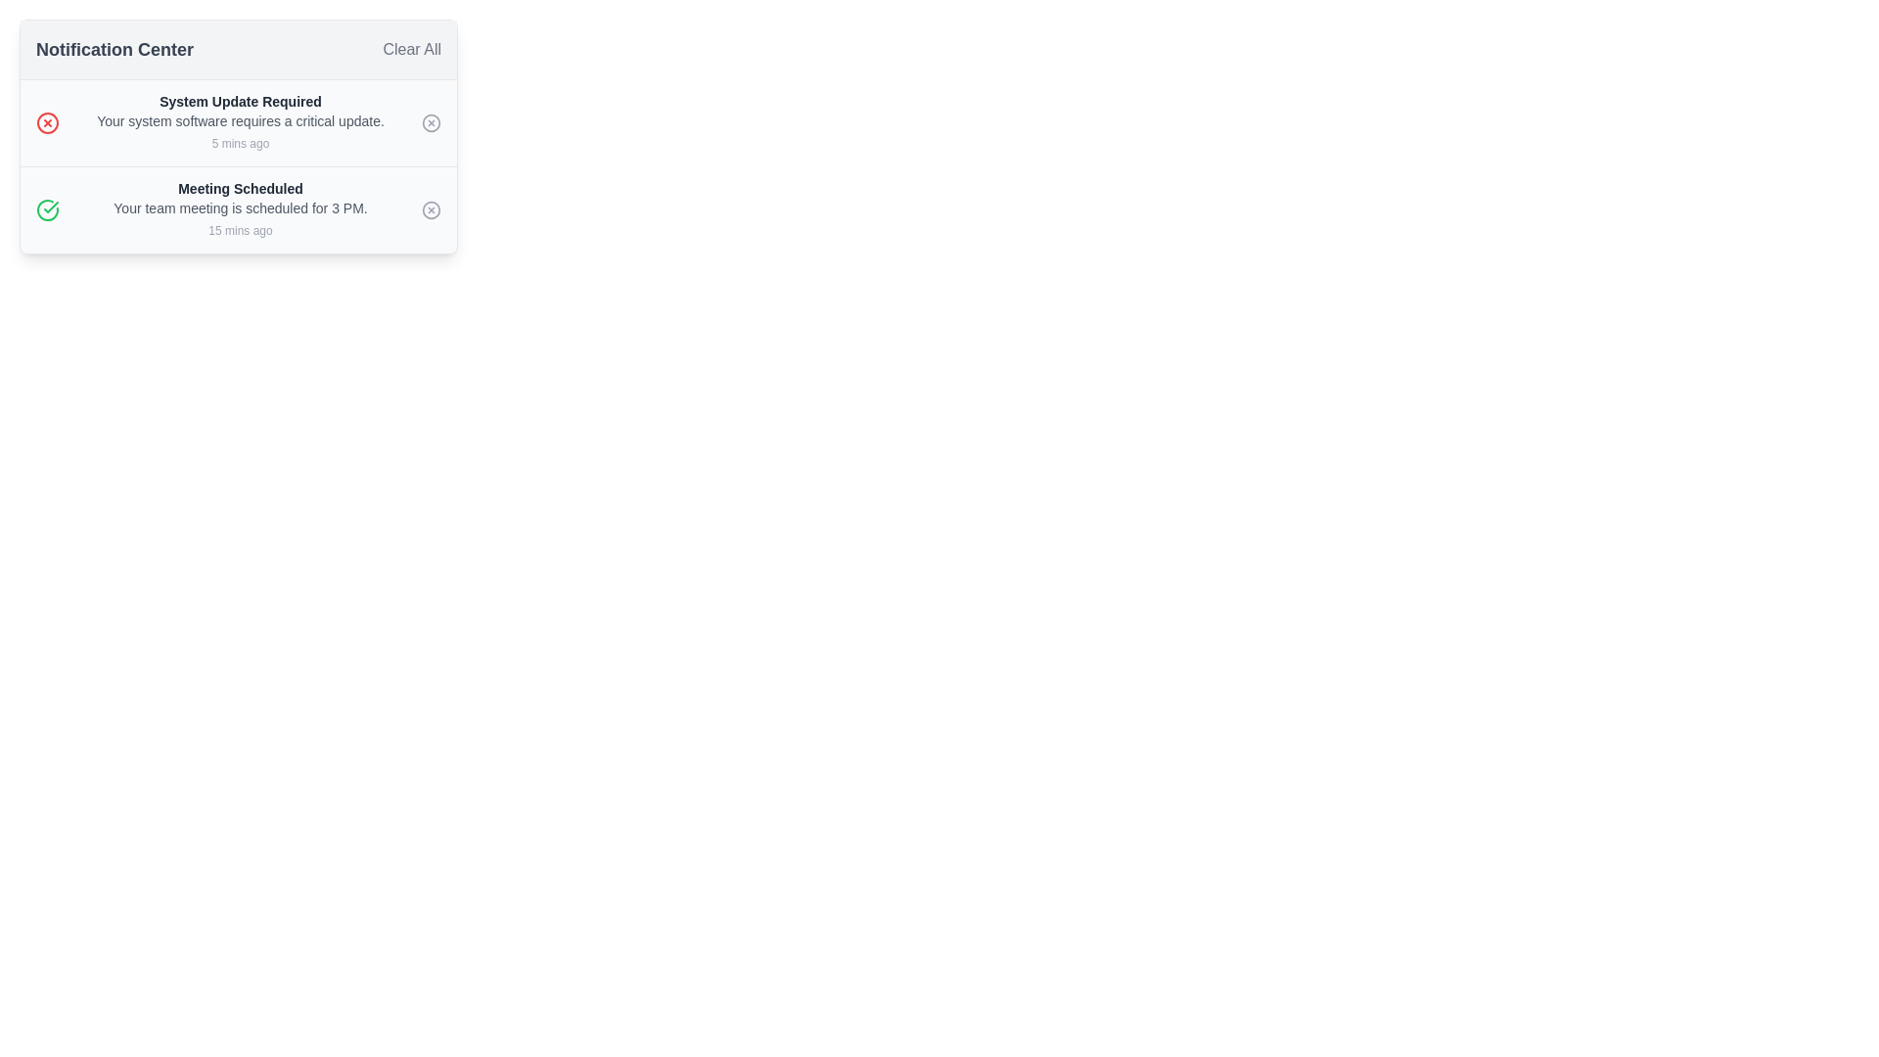 This screenshot has height=1057, width=1879. I want to click on the text label that reads 'System Update Required' in the Notification Center, which is the title of the first notification item, so click(239, 102).